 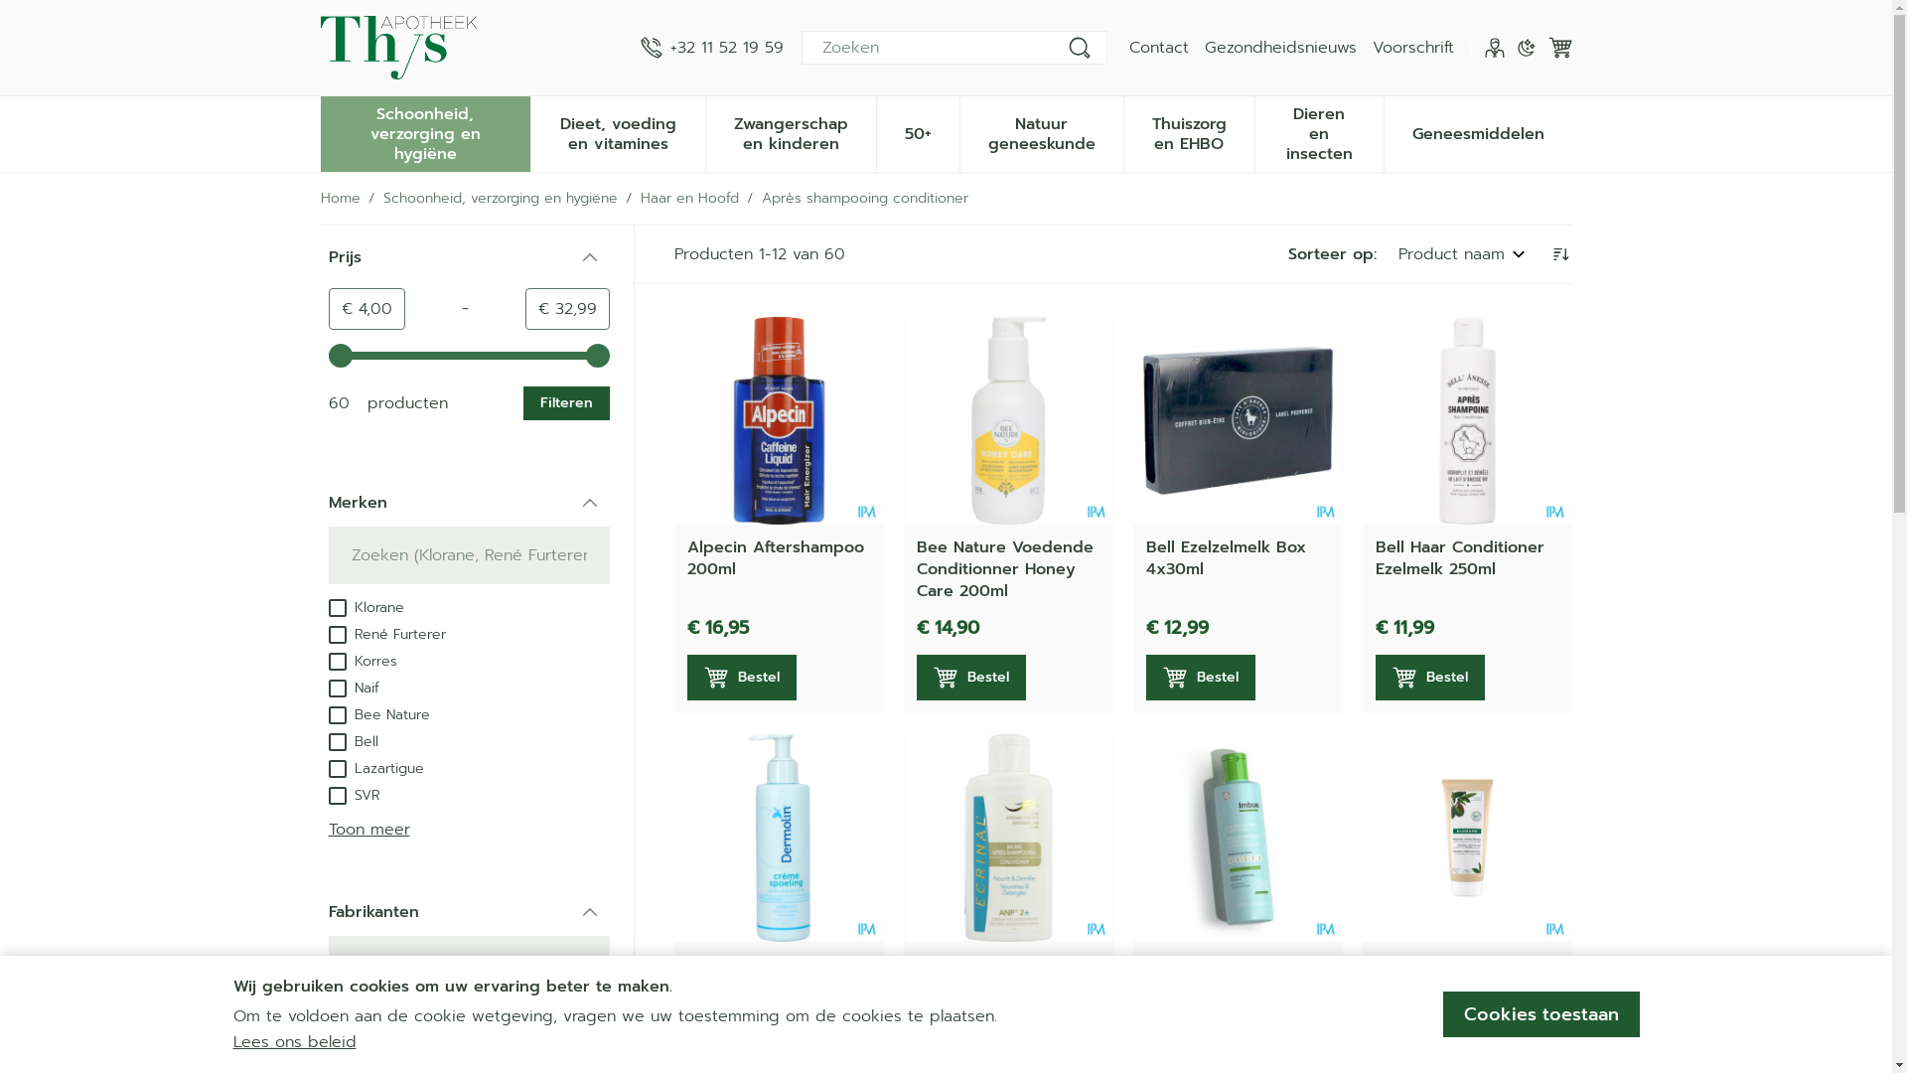 What do you see at coordinates (293, 1041) in the screenshot?
I see `'Lees ons beleid'` at bounding box center [293, 1041].